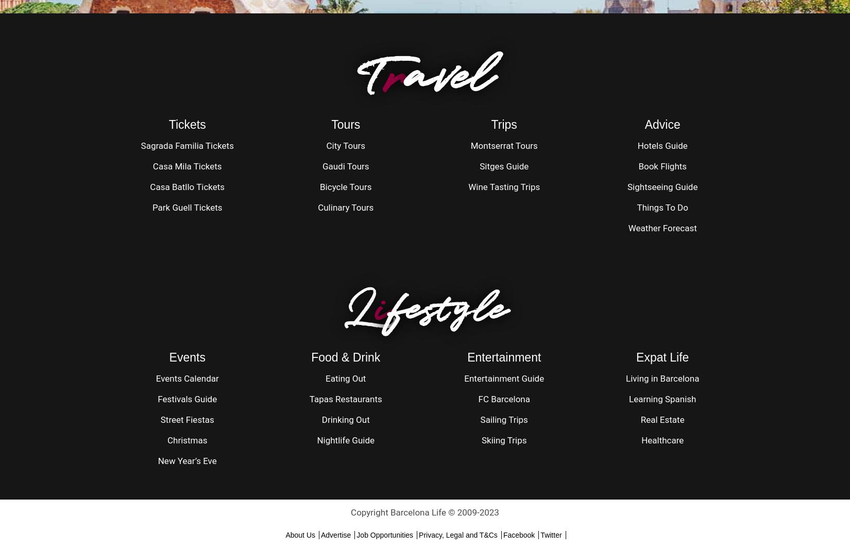 This screenshot has width=850, height=549. Describe the element at coordinates (319, 186) in the screenshot. I see `'Bicycle Tours'` at that location.